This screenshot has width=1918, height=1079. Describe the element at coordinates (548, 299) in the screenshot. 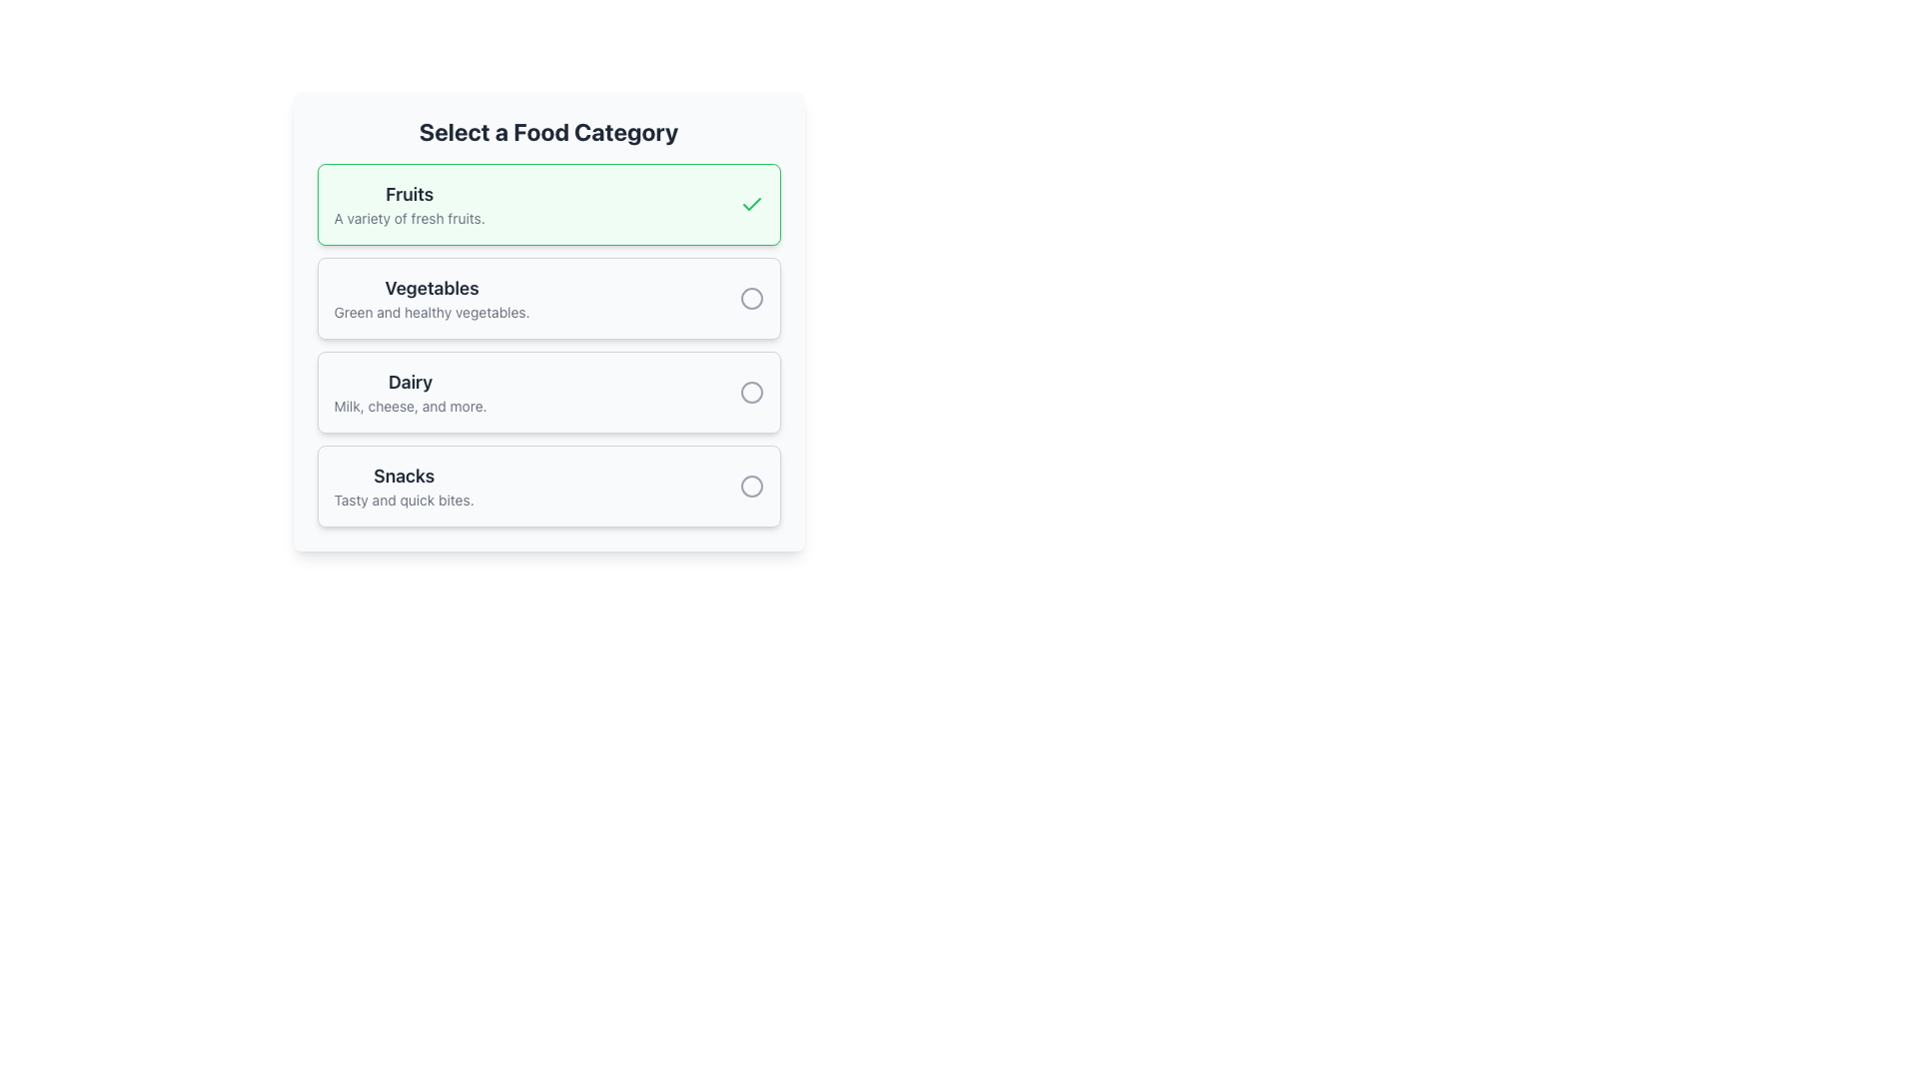

I see `the 'Vegetables' button, which is the second option in the food category selection list` at that location.